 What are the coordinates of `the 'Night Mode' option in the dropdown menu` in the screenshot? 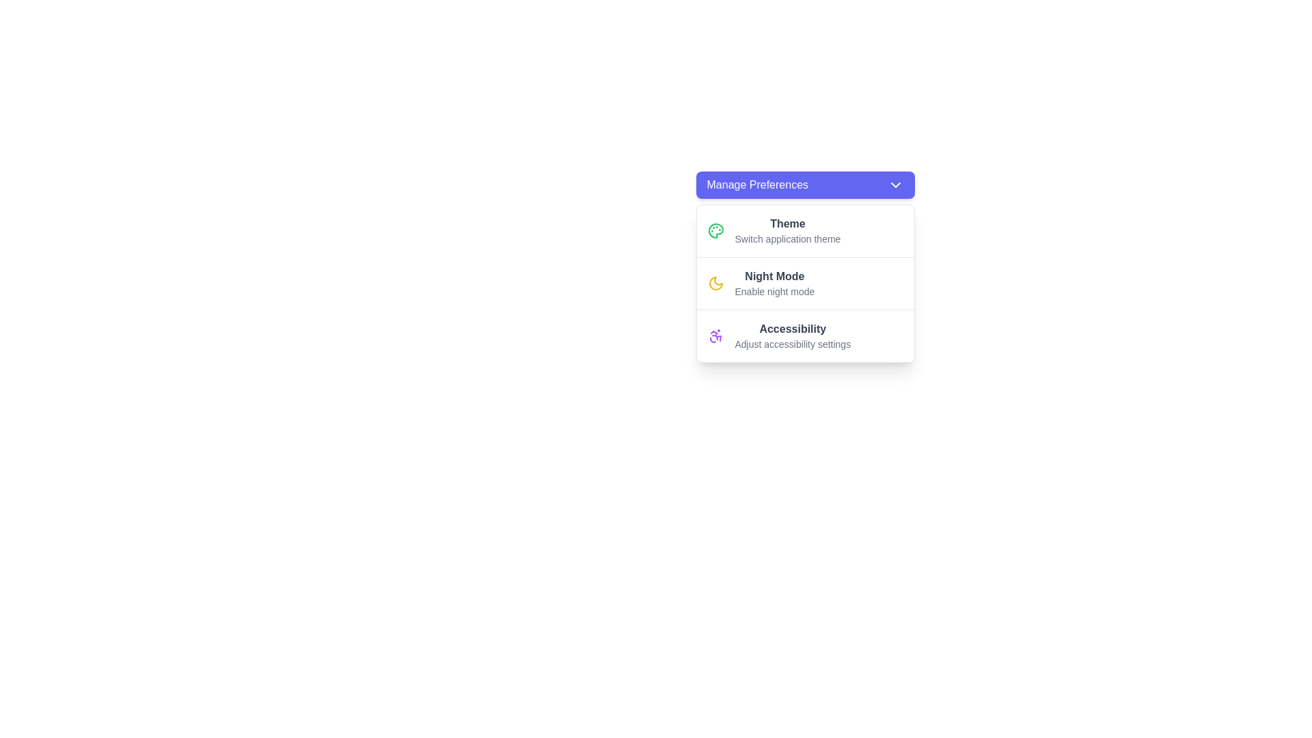 It's located at (805, 282).